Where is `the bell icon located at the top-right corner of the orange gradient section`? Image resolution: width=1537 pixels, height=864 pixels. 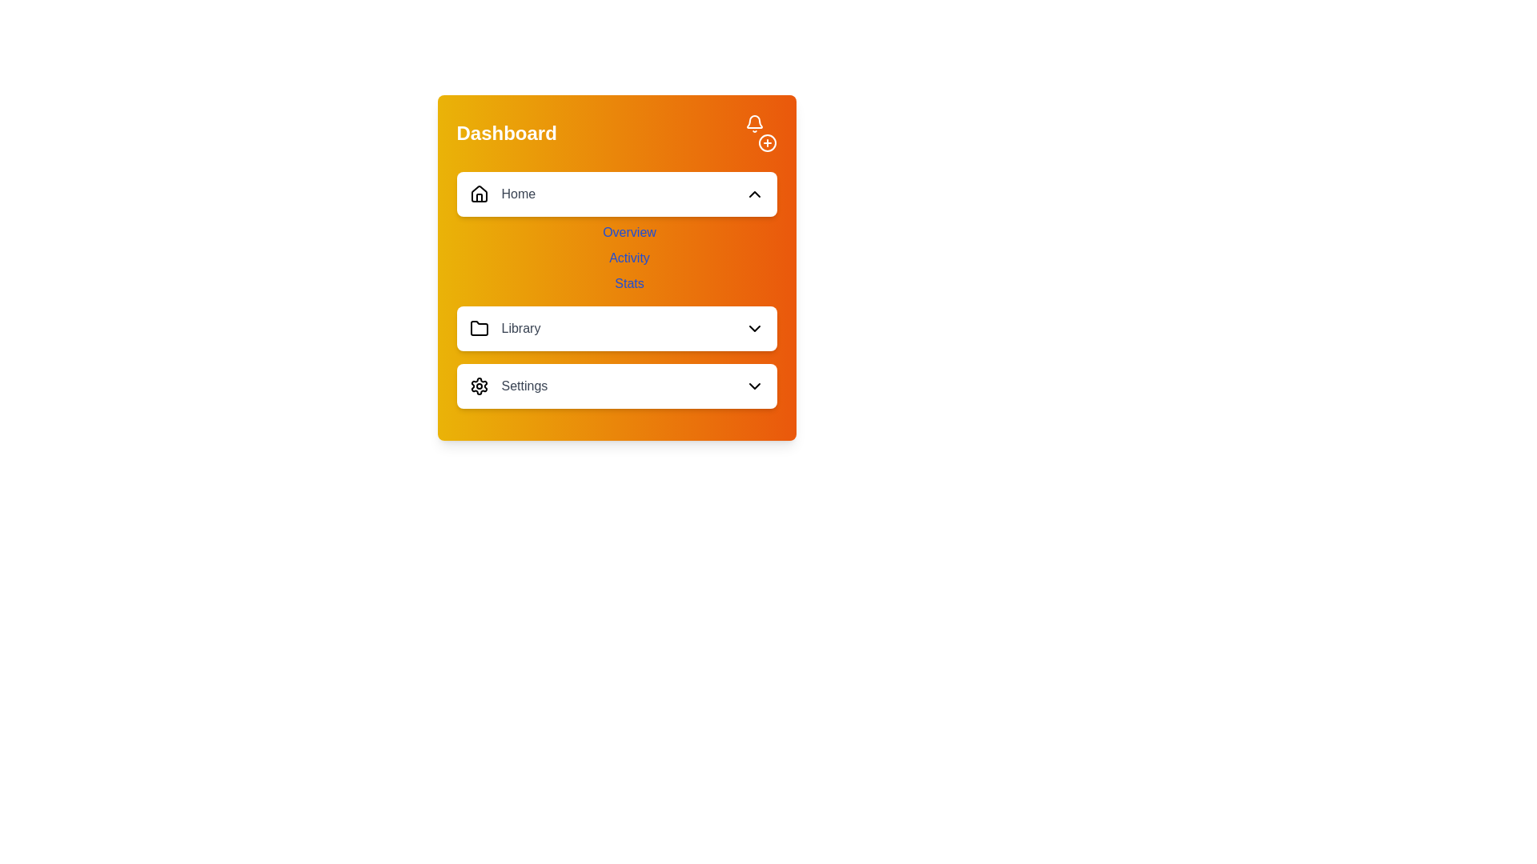
the bell icon located at the top-right corner of the orange gradient section is located at coordinates (753, 122).